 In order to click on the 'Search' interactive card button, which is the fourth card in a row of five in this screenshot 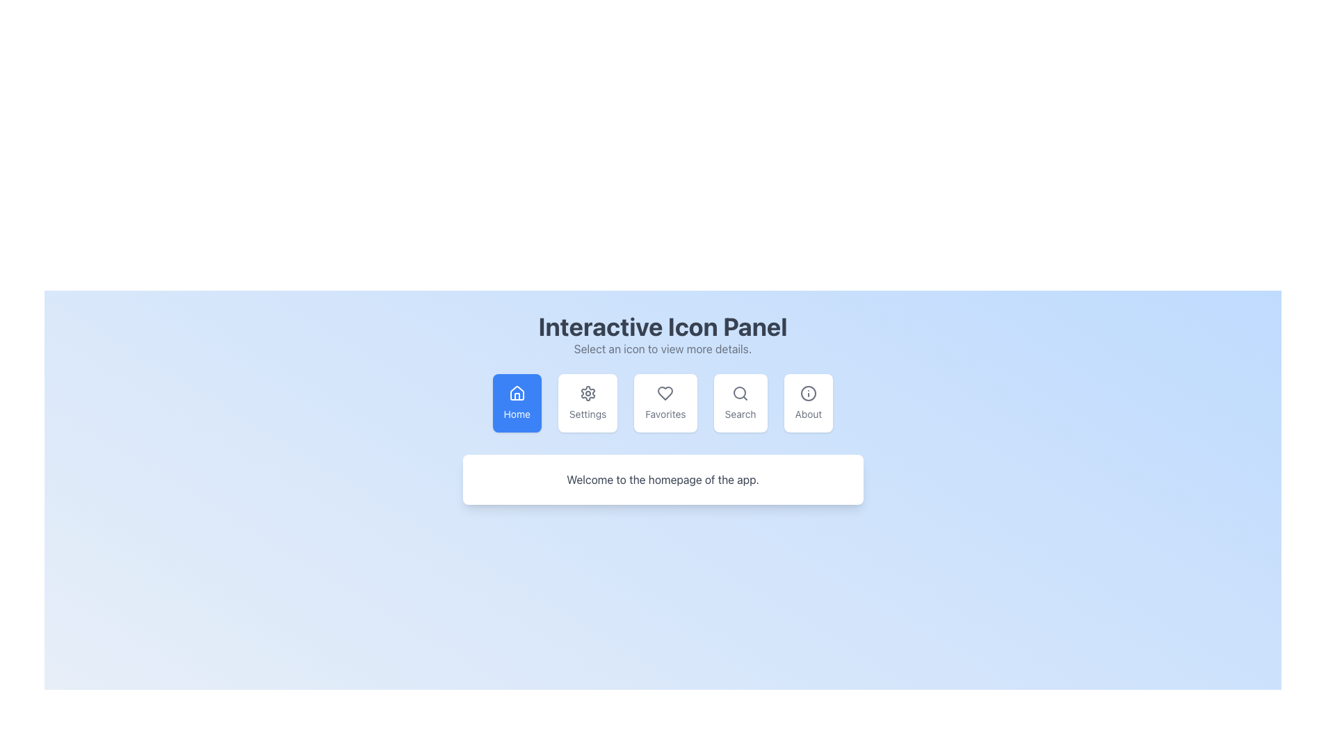, I will do `click(740, 403)`.